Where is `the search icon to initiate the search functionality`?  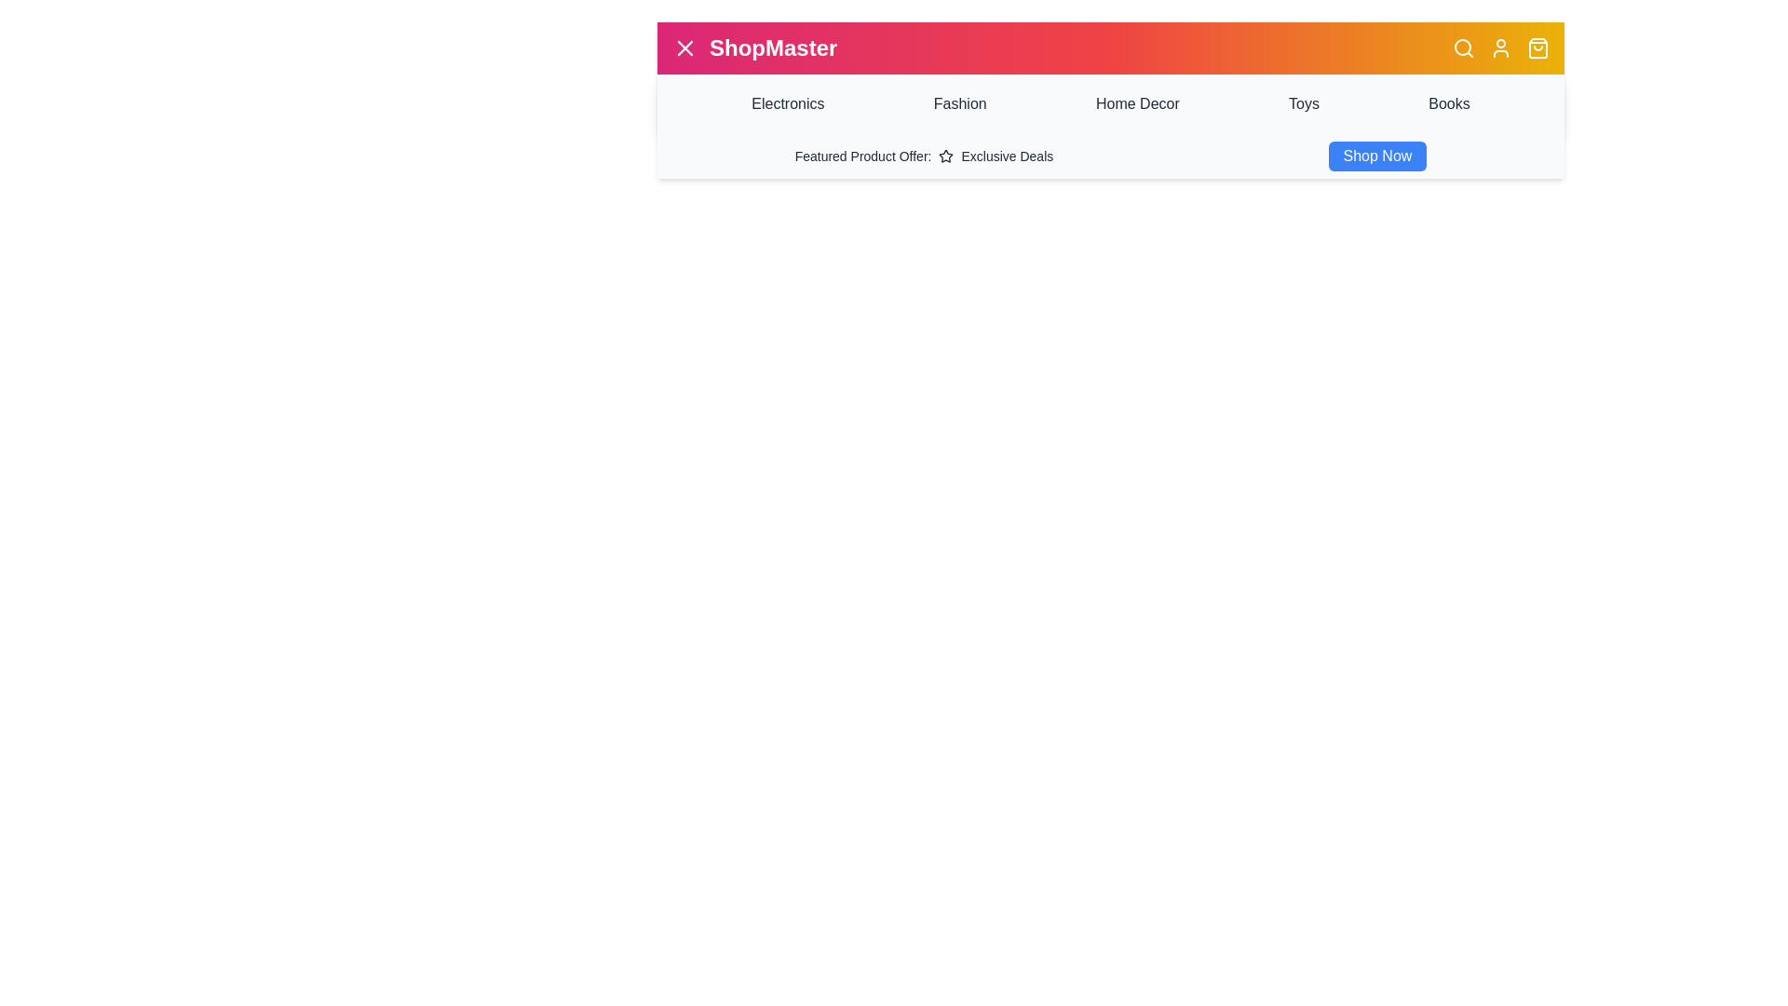 the search icon to initiate the search functionality is located at coordinates (1462, 47).